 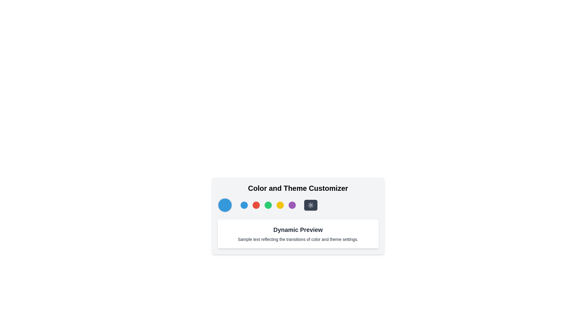 I want to click on the fifth circular button in the 'Color and Theme Customizer' section, so click(x=292, y=205).